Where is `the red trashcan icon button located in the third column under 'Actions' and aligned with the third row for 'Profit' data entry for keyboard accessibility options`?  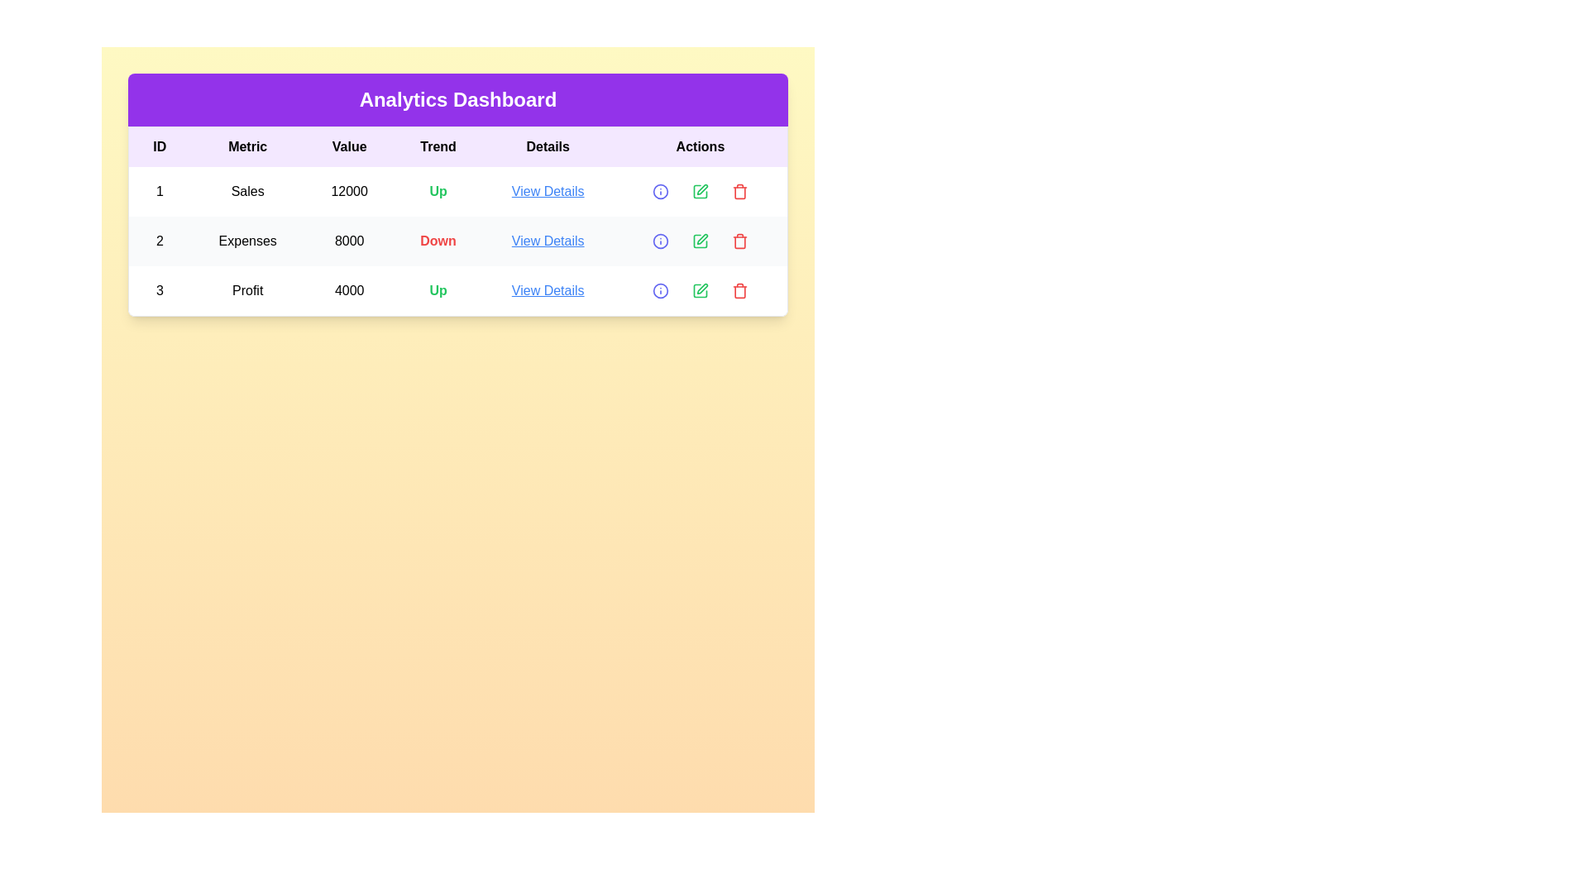 the red trashcan icon button located in the third column under 'Actions' and aligned with the third row for 'Profit' data entry for keyboard accessibility options is located at coordinates (739, 190).